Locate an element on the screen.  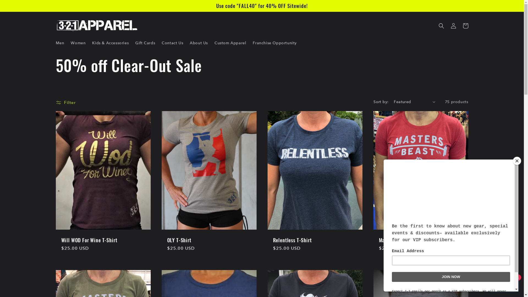
'Kids & Accessories' is located at coordinates (110, 42).